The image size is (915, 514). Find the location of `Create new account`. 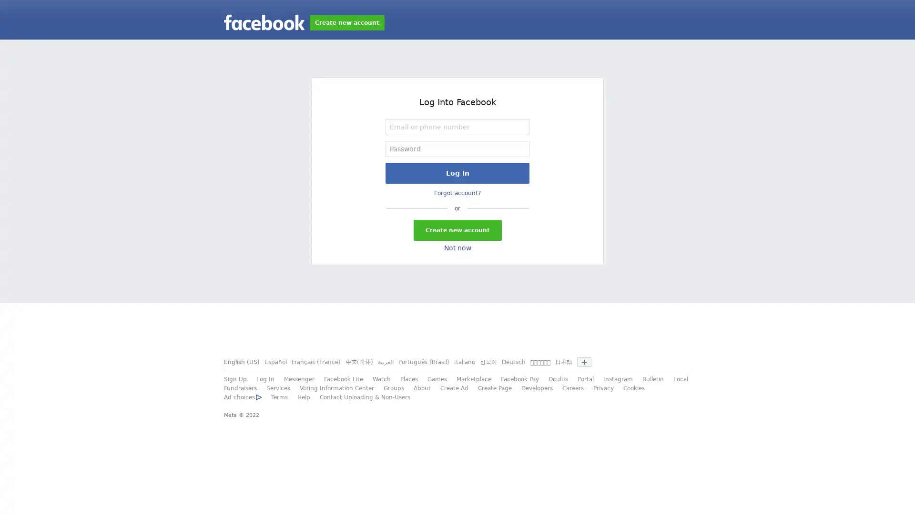

Create new account is located at coordinates (457, 230).